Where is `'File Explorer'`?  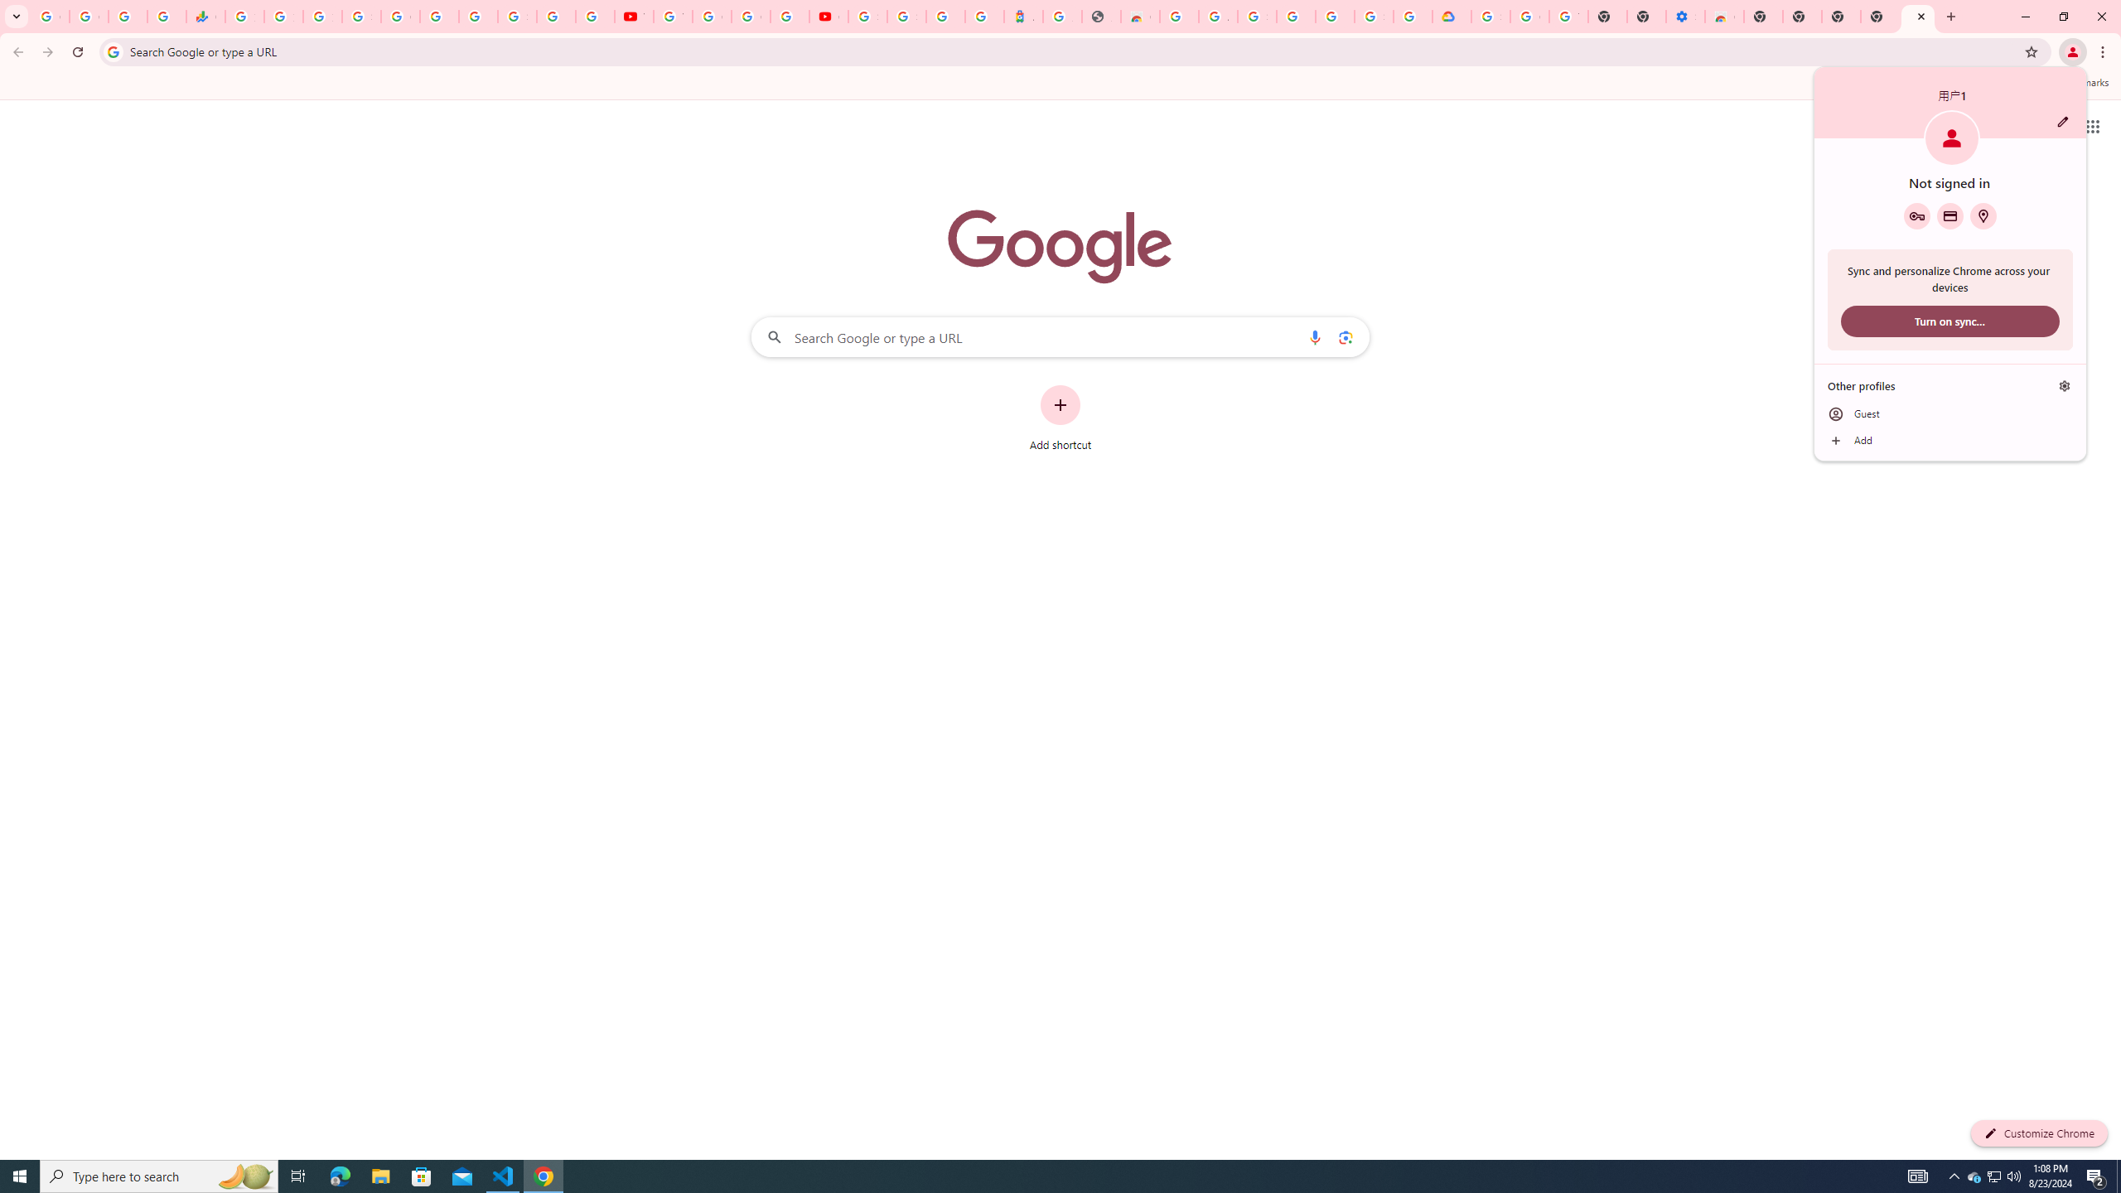 'File Explorer' is located at coordinates (379, 1175).